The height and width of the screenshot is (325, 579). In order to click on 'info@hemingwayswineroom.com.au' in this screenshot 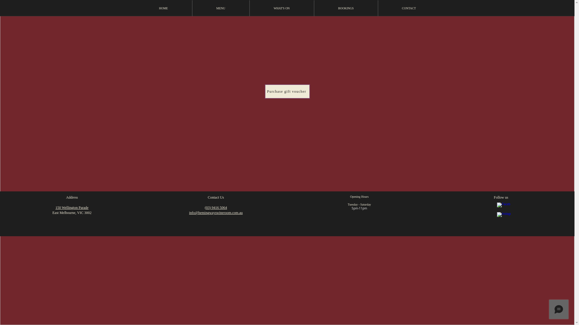, I will do `click(216, 212)`.